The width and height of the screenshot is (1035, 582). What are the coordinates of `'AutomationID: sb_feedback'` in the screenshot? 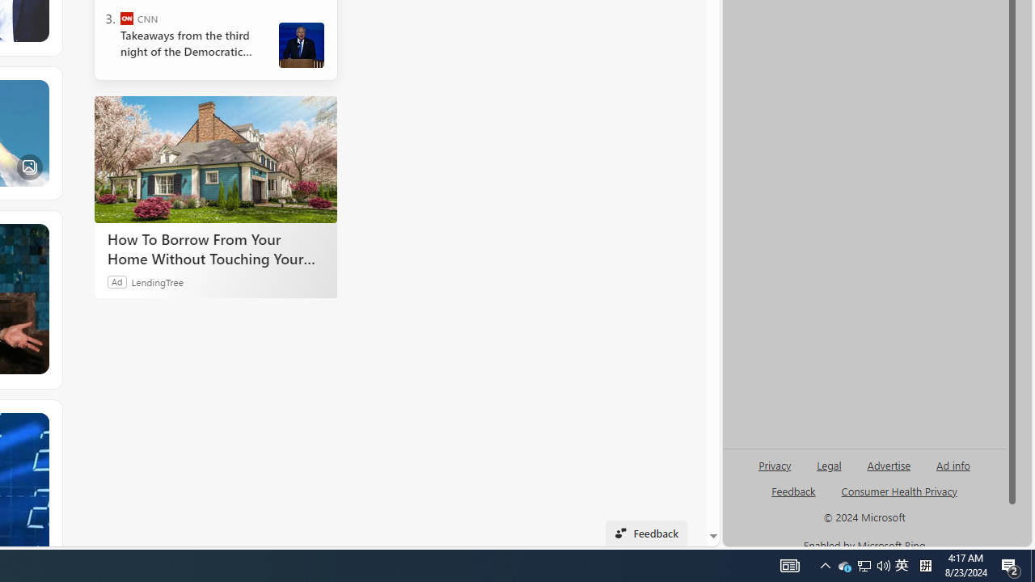 It's located at (793, 490).